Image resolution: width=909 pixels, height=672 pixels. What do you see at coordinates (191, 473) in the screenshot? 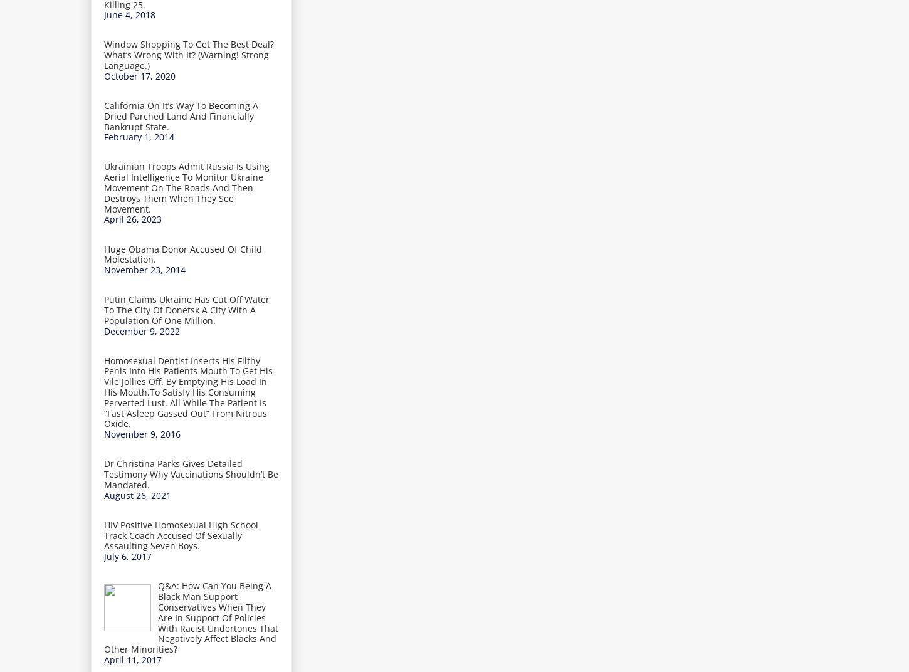
I see `'Dr Christina Parks Gives Detailed Testimony Why Vaccinations Shouldn’t Be Mandated.'` at bounding box center [191, 473].